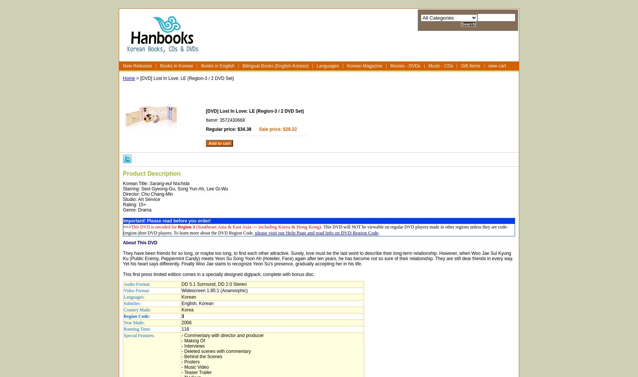 Image resolution: width=638 pixels, height=377 pixels. Describe the element at coordinates (470, 66) in the screenshot. I see `'Gift Items'` at that location.